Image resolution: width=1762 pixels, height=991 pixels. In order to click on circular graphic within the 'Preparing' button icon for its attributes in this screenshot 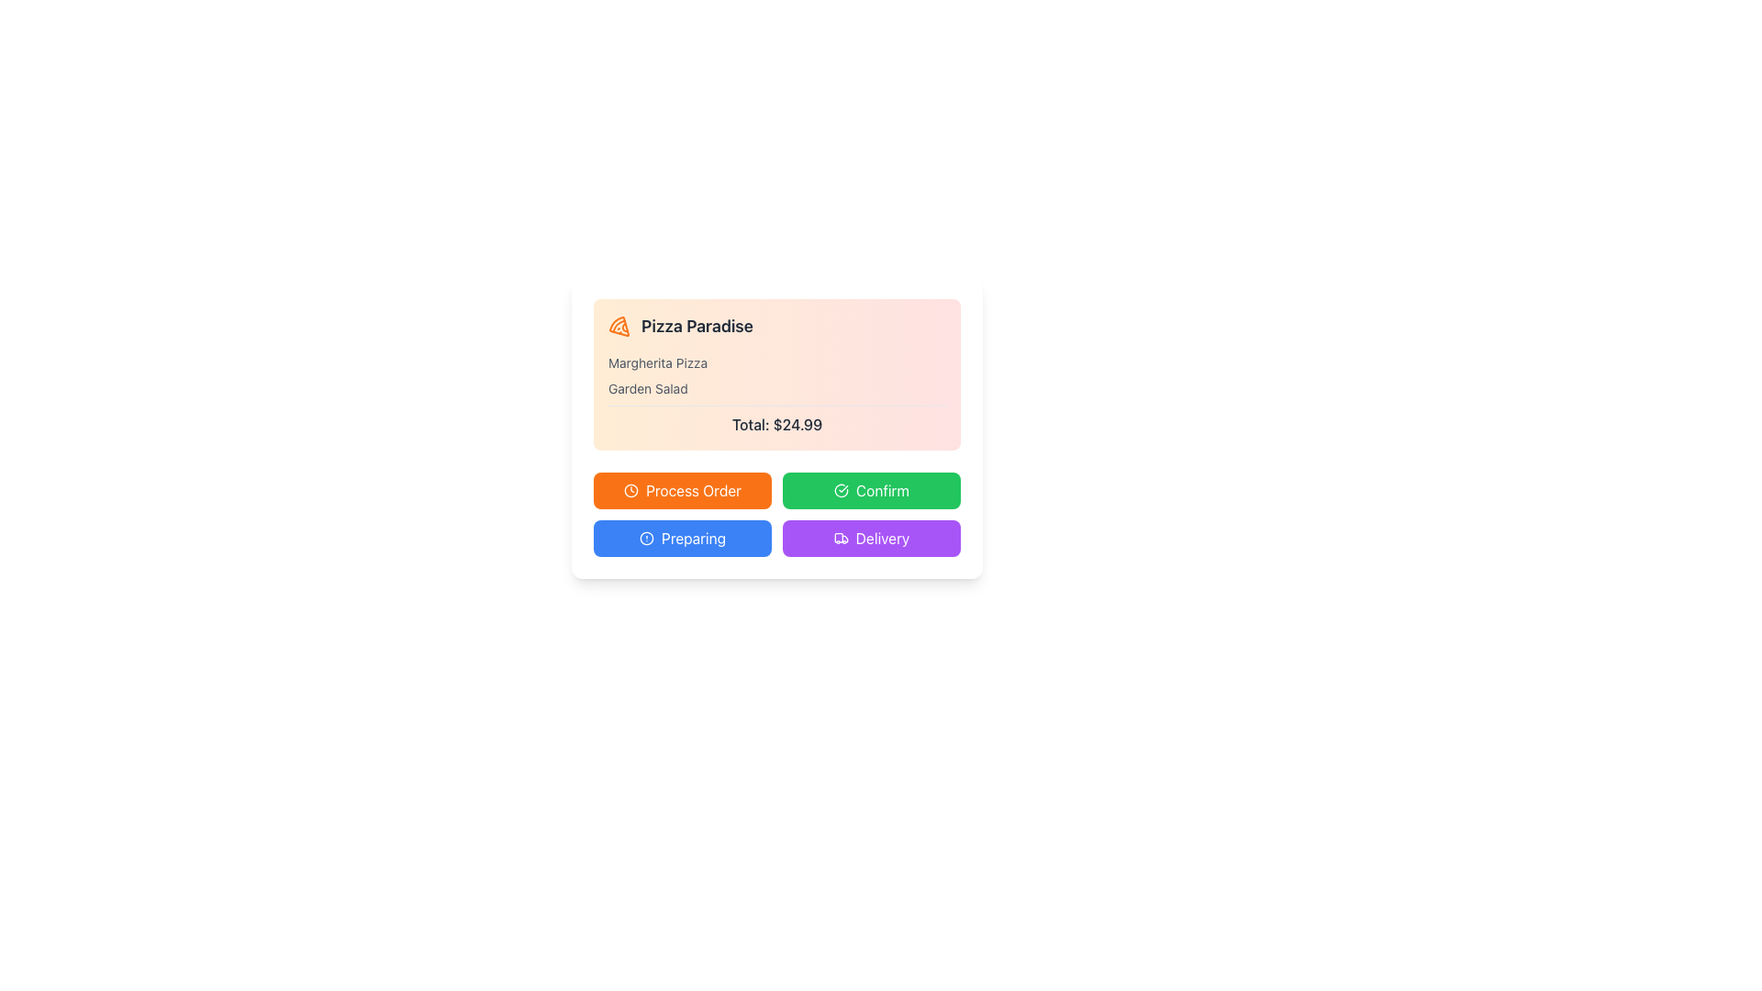, I will do `click(647, 537)`.